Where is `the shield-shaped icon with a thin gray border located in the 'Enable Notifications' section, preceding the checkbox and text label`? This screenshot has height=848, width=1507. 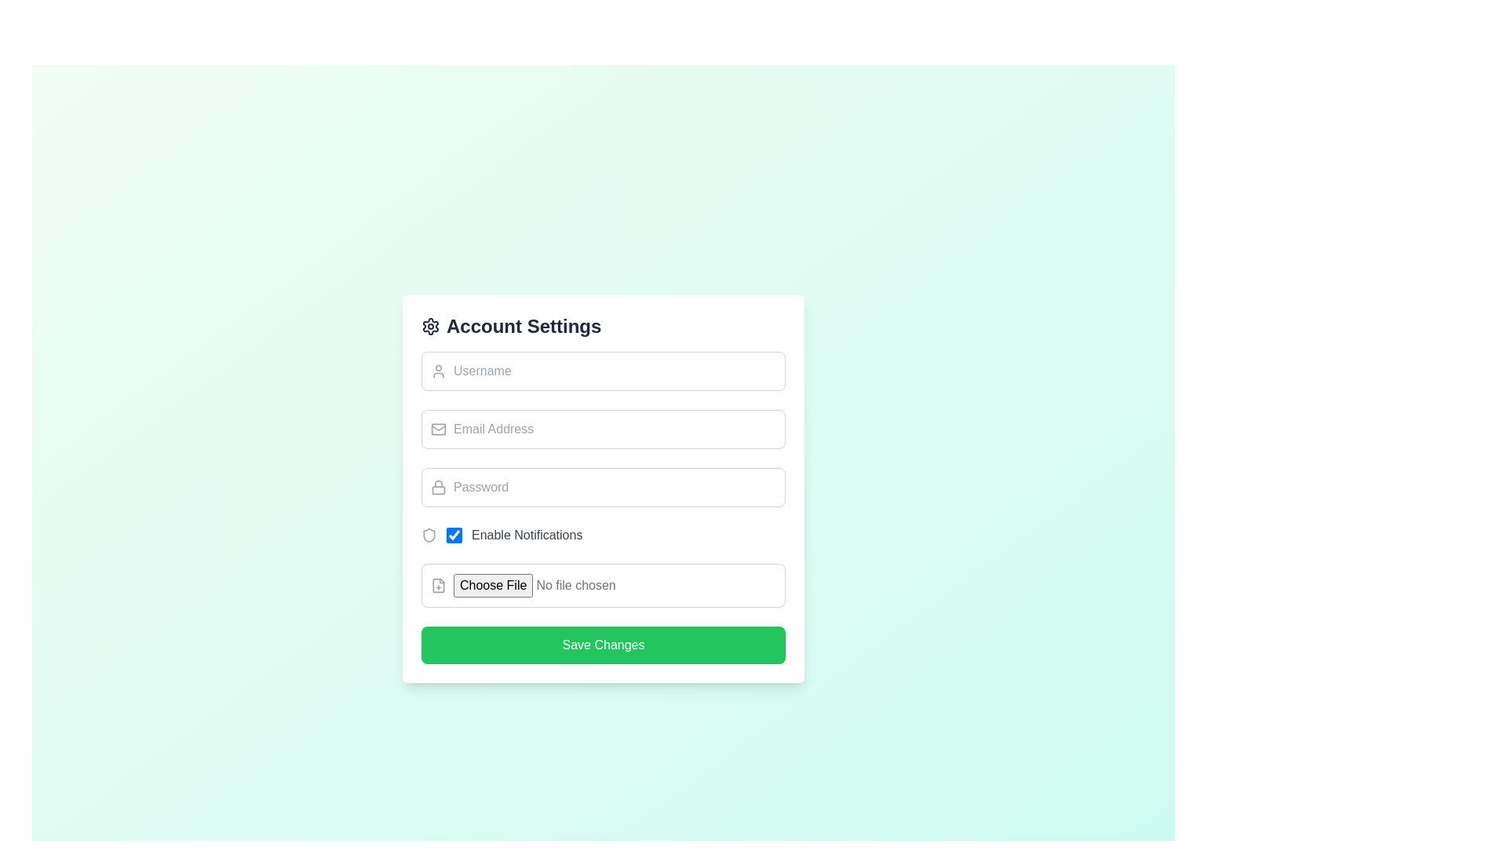 the shield-shaped icon with a thin gray border located in the 'Enable Notifications' section, preceding the checkbox and text label is located at coordinates (429, 535).